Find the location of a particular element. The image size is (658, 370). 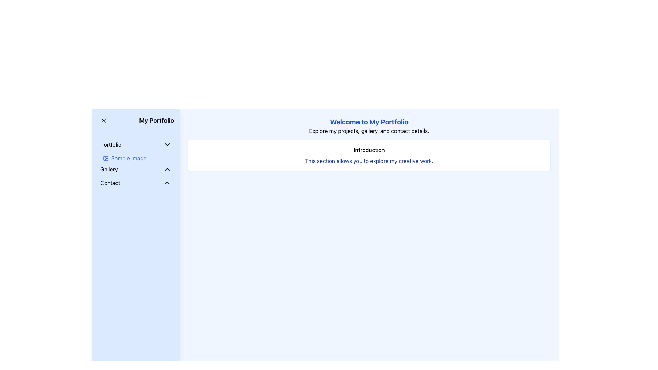

the non-interactive text label displaying the section title 'Contact', which is part of the vertical navigation menu under the 'Gallery' section is located at coordinates (110, 182).